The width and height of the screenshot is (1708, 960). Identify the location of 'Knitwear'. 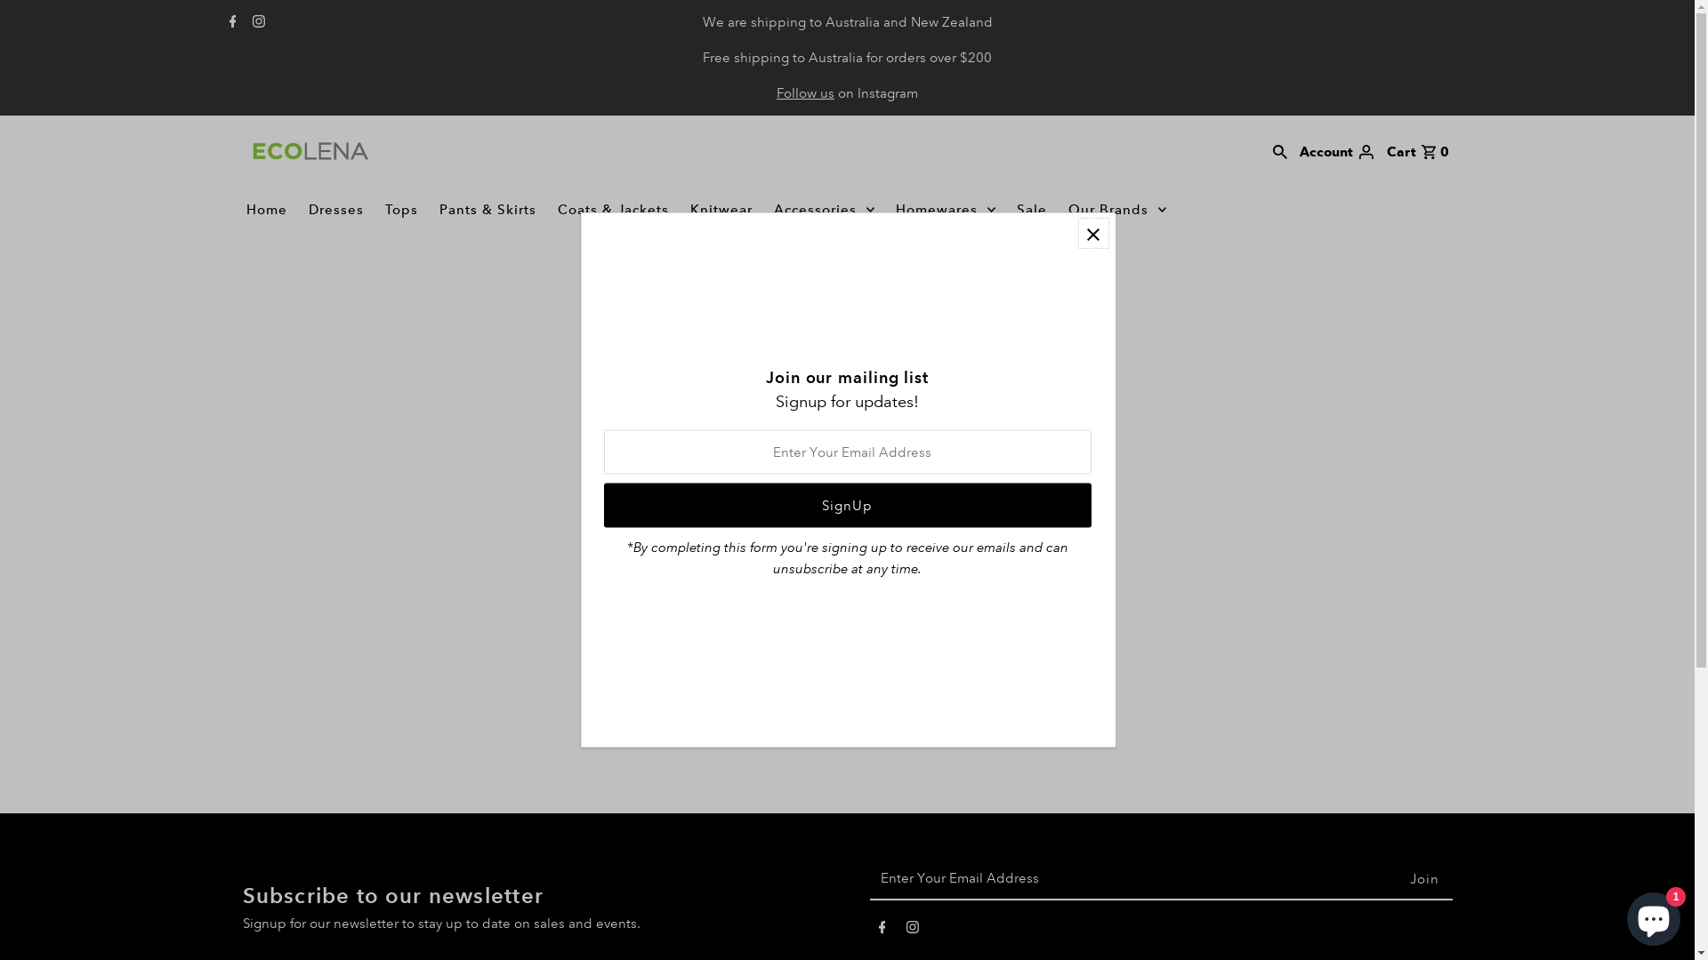
(721, 208).